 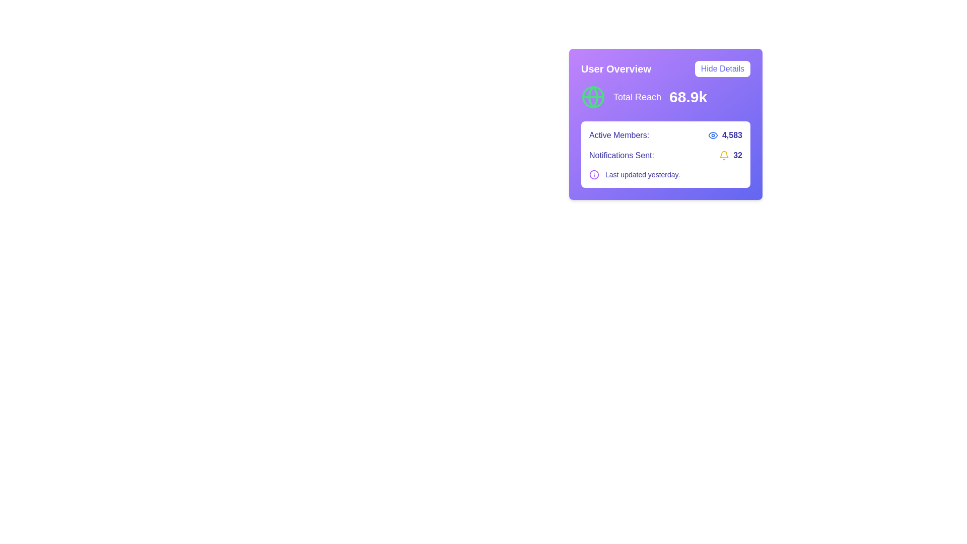 I want to click on the label that provides a description for the adjacent total reach value '68.9k', located centrally in the 'User Overview' panel, second from the left among its siblings, so click(x=637, y=97).